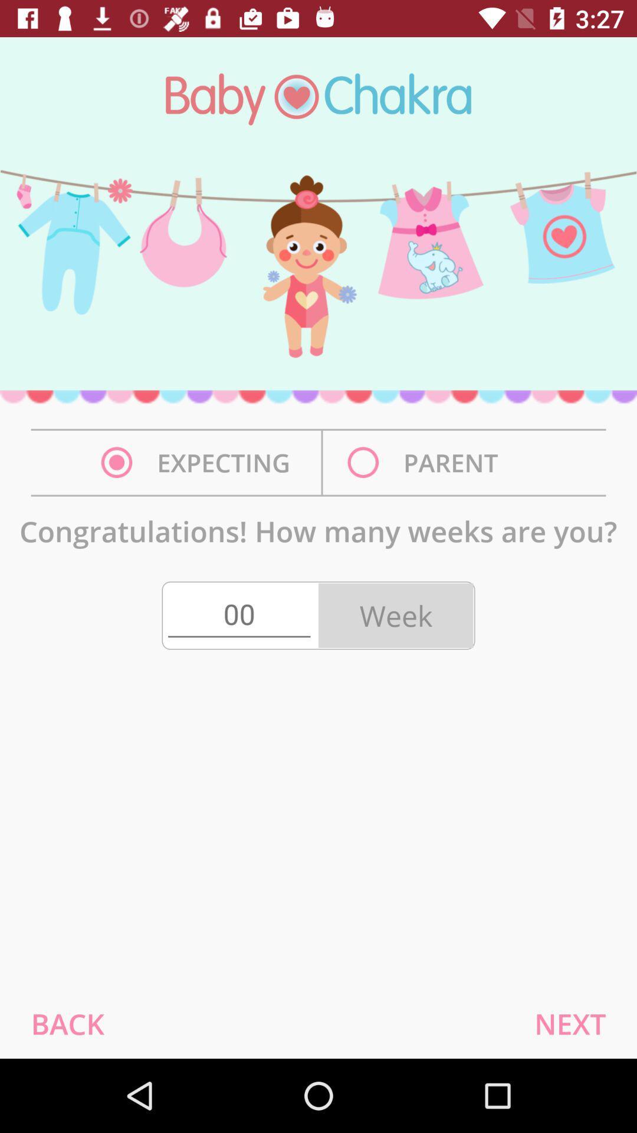  I want to click on the item below congratulations how many icon, so click(67, 1023).